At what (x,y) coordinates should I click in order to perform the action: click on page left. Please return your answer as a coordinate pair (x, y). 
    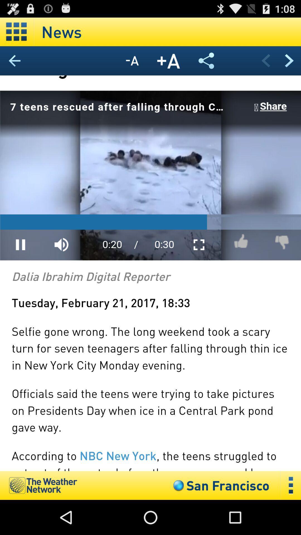
    Looking at the image, I should click on (265, 60).